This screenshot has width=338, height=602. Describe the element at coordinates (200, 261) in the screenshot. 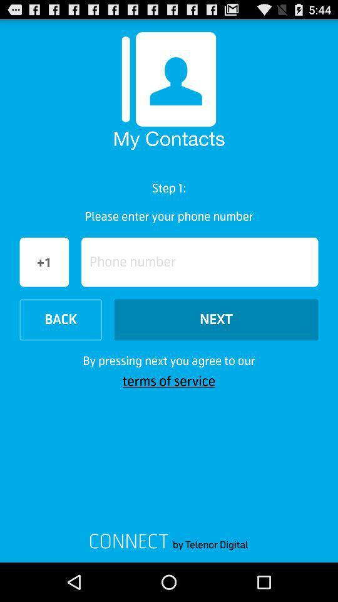

I see `input my phone number` at that location.